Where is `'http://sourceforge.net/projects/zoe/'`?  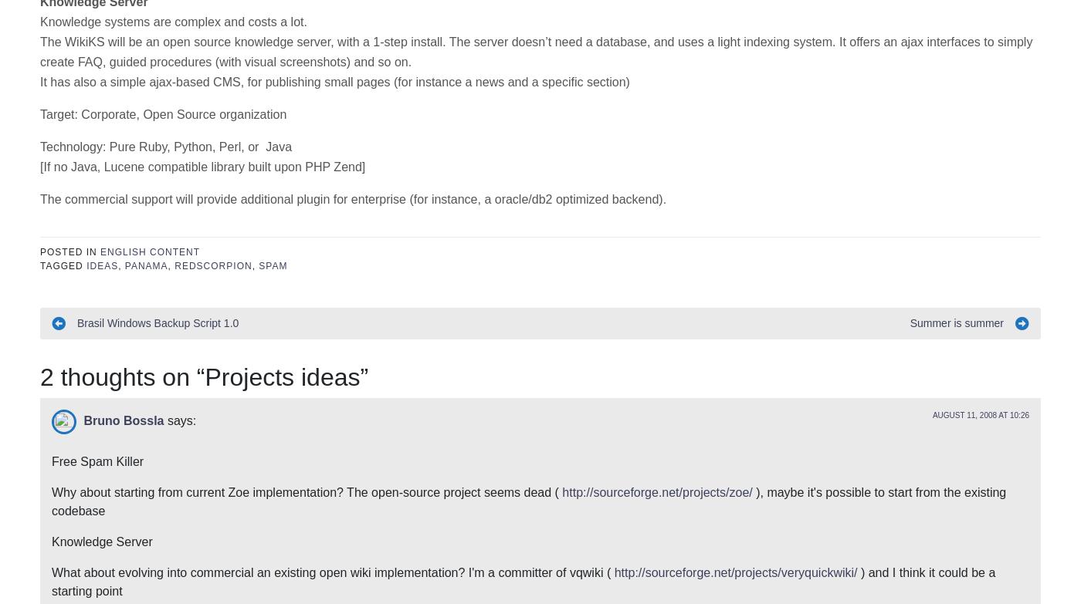 'http://sourceforge.net/projects/zoe/' is located at coordinates (657, 262).